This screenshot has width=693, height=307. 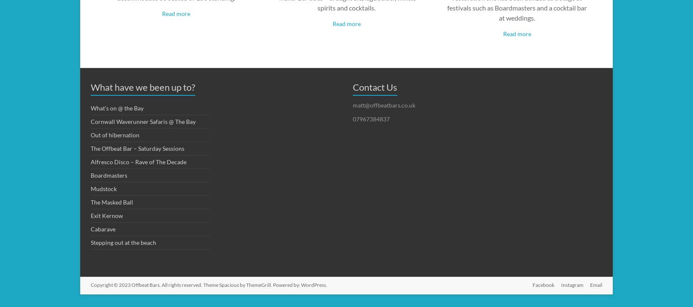 I want to click on 'What have we been up to?', so click(x=143, y=87).